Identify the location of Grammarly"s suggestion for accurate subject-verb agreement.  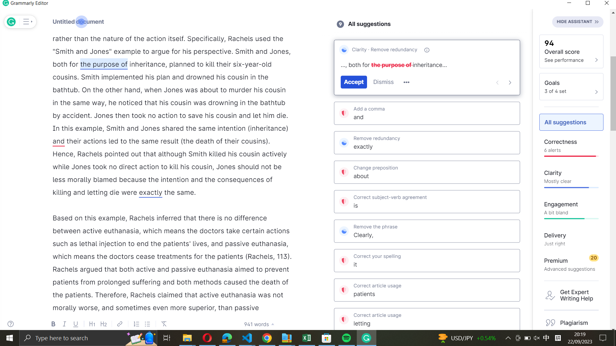
(426, 202).